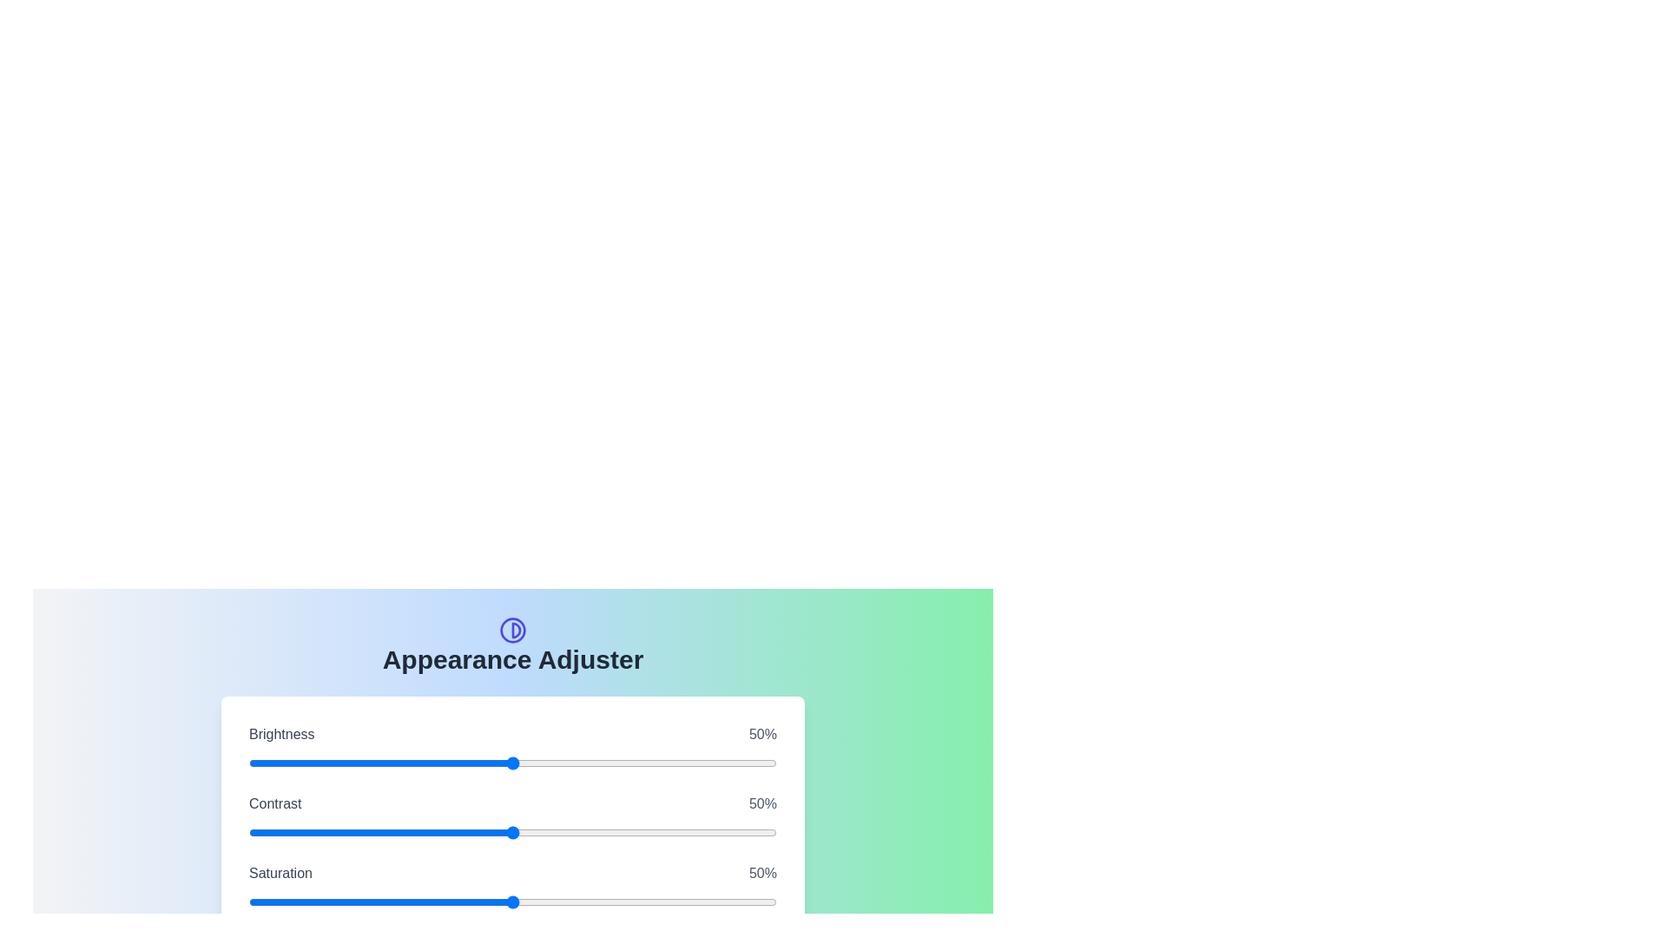 This screenshot has width=1667, height=938. What do you see at coordinates (546, 763) in the screenshot?
I see `the 0 slider to 13%` at bounding box center [546, 763].